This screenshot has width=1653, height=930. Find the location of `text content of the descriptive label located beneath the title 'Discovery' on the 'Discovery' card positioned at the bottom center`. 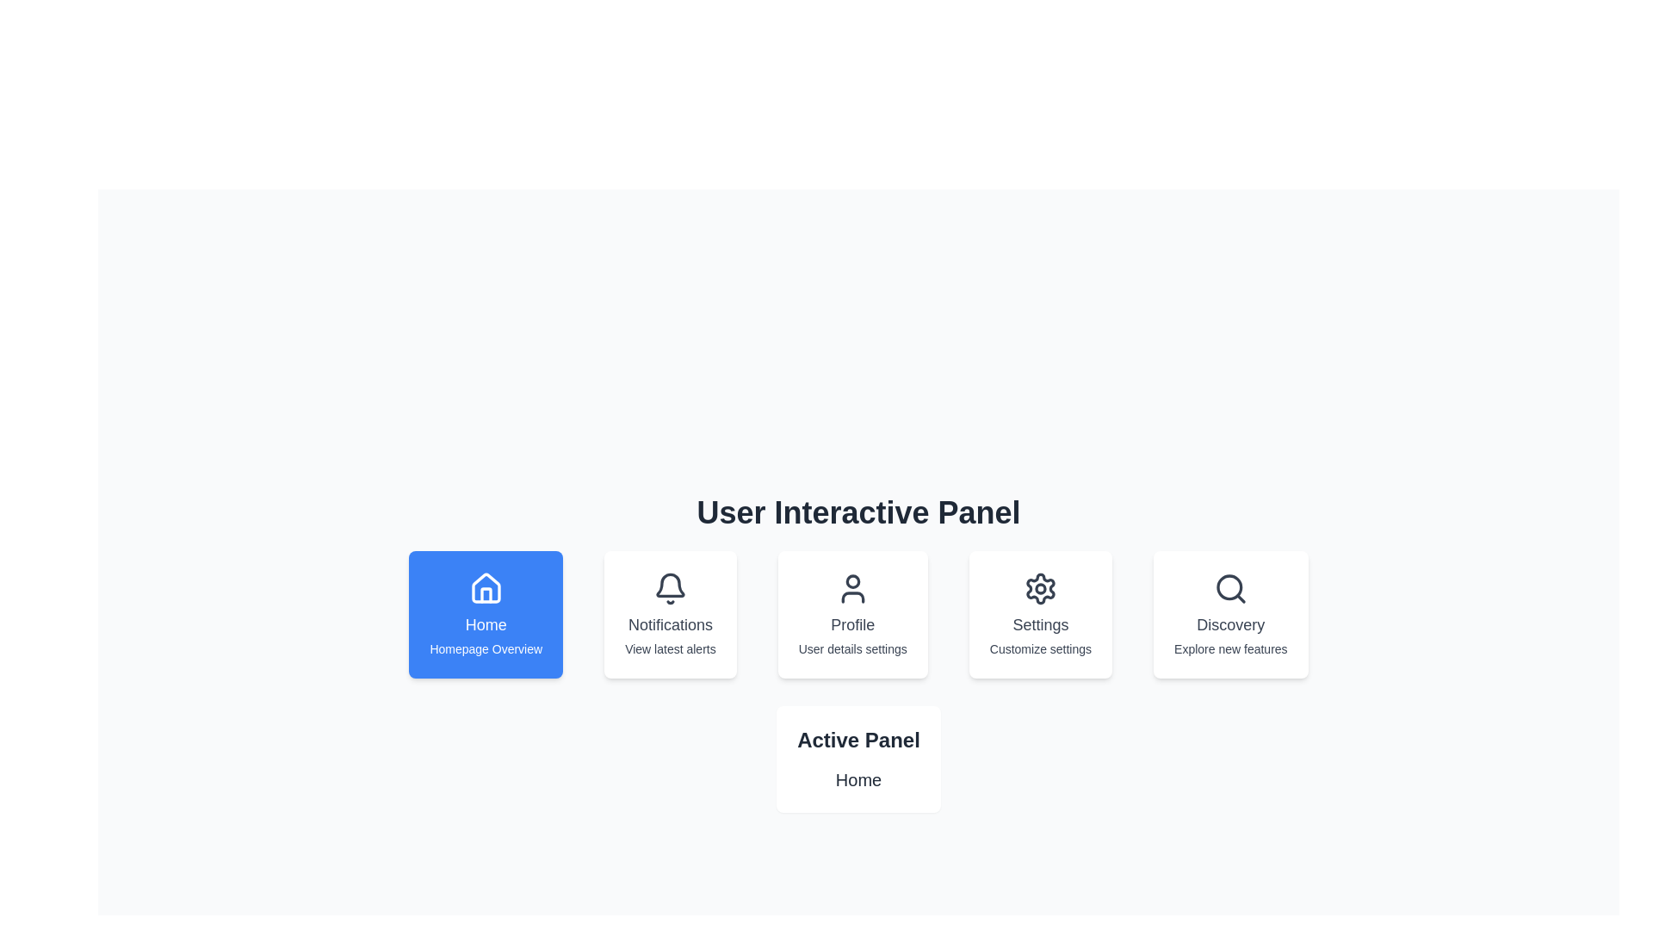

text content of the descriptive label located beneath the title 'Discovery' on the 'Discovery' card positioned at the bottom center is located at coordinates (1229, 648).